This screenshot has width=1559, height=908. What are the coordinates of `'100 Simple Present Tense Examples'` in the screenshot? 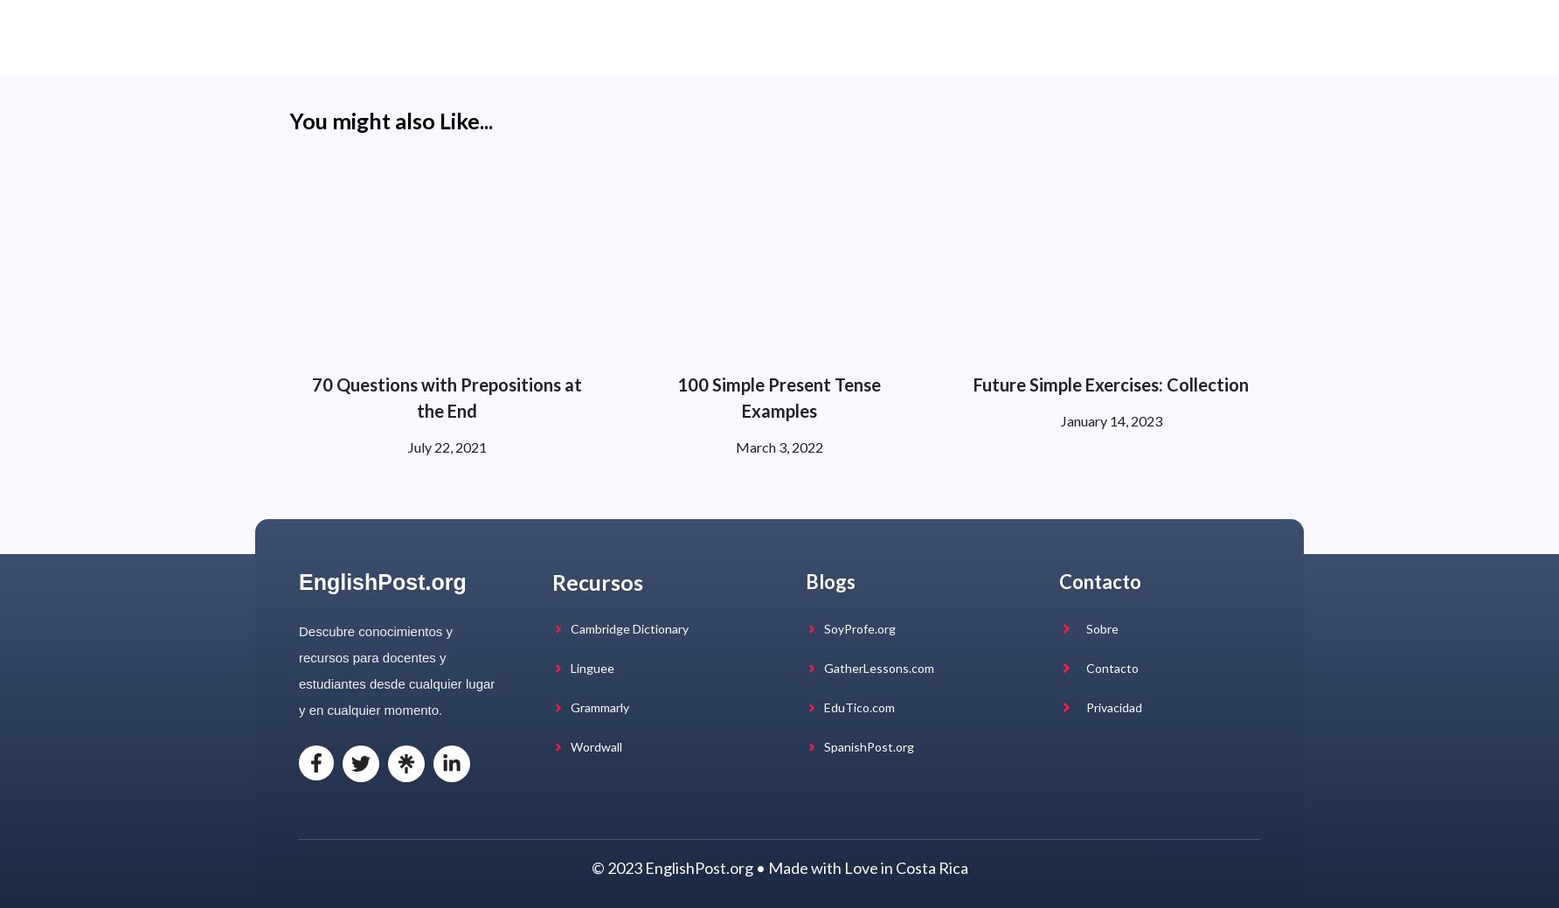 It's located at (778, 396).